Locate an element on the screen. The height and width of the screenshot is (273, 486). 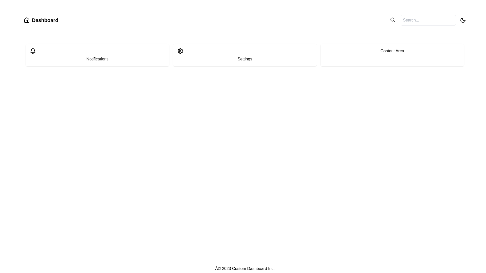
the thin, horizontal Separator (UI Divider) located directly beneath the 'Dashboard' title and navigation bar is located at coordinates (245, 34).